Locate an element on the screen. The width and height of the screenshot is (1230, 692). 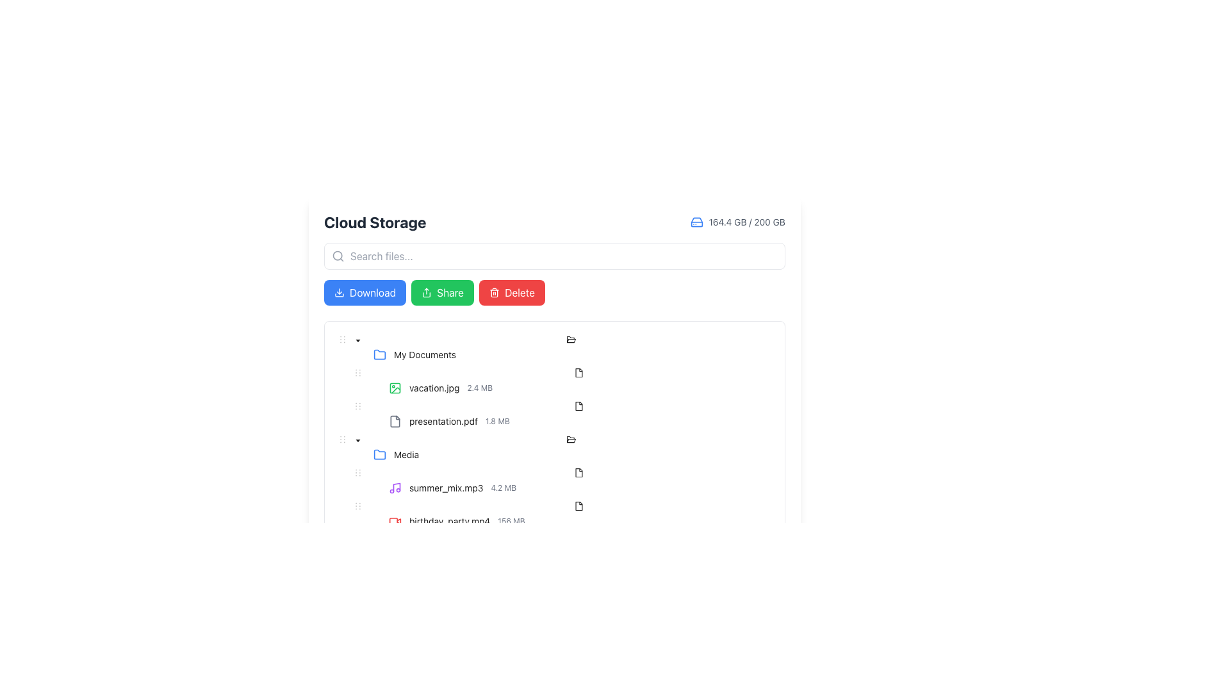
the delete button located to the right of the green 'Share' button is located at coordinates (511, 292).